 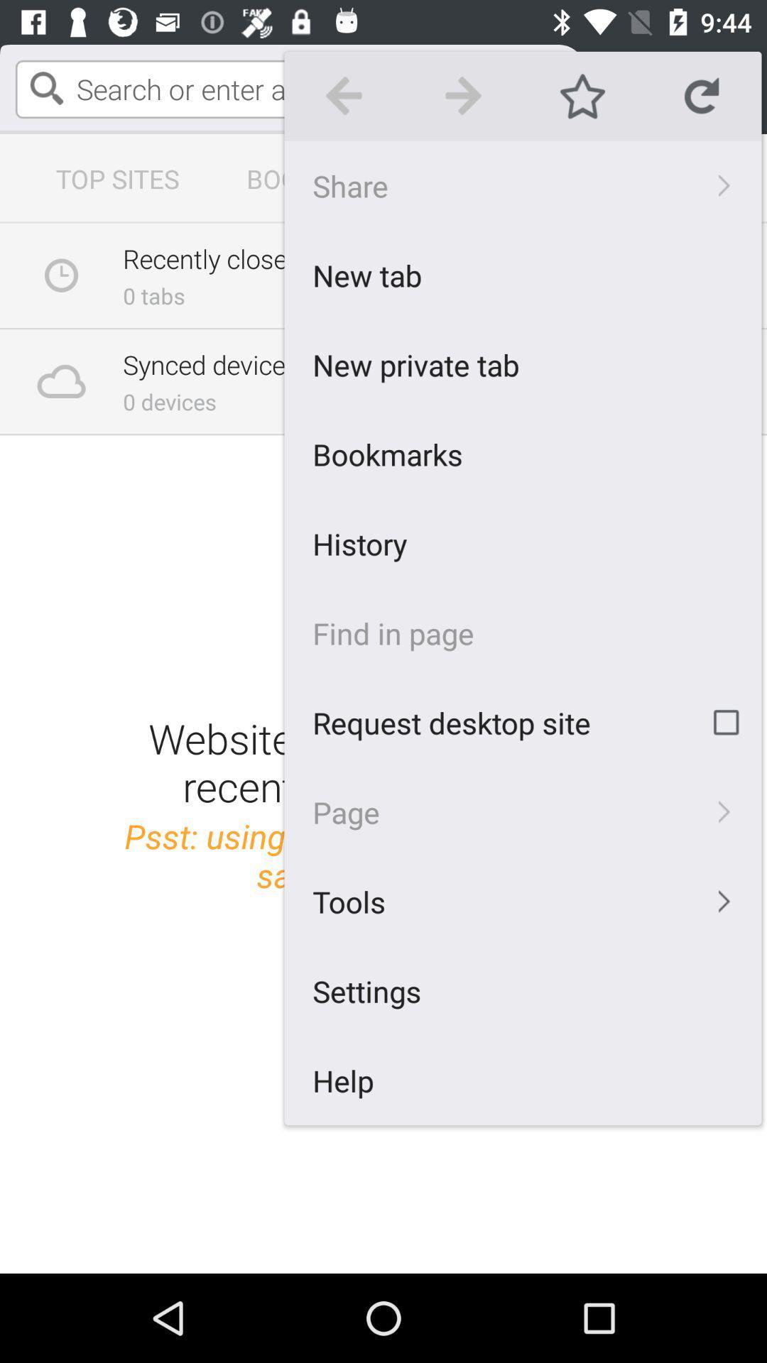 I want to click on the item above the new tab item, so click(x=523, y=185).